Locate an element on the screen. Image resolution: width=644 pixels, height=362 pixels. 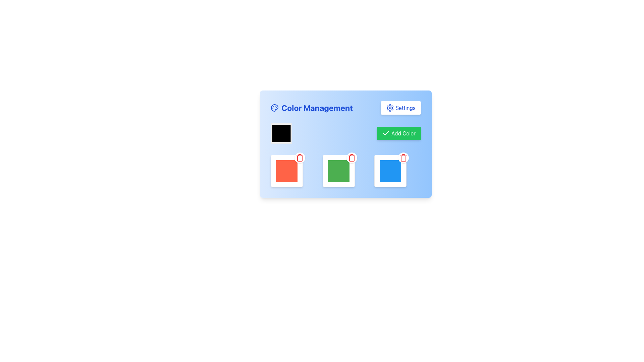
the settings button for the 'Color Management' section is located at coordinates (401, 107).